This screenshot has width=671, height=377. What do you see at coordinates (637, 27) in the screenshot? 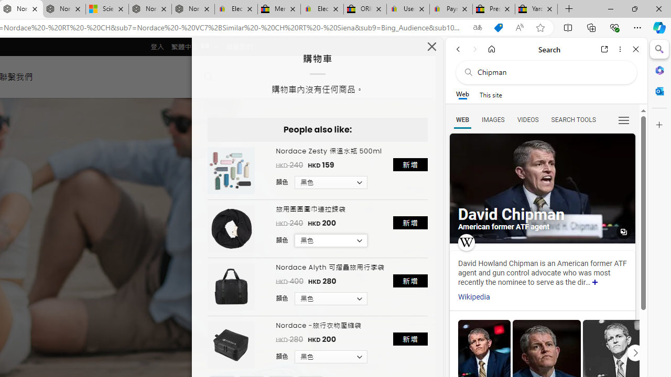
I see `'Settings and more (Alt+F)'` at bounding box center [637, 27].